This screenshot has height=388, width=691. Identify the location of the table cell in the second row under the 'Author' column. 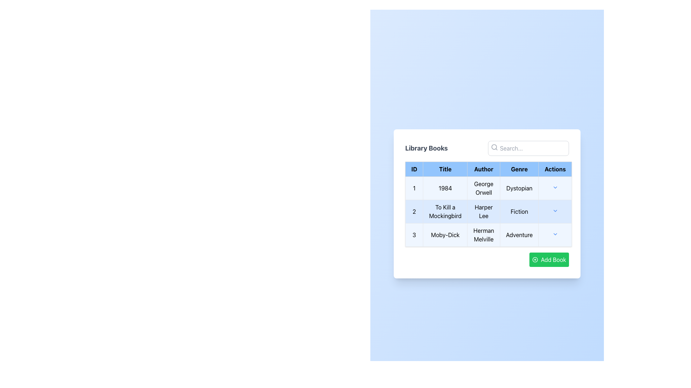
(488, 204).